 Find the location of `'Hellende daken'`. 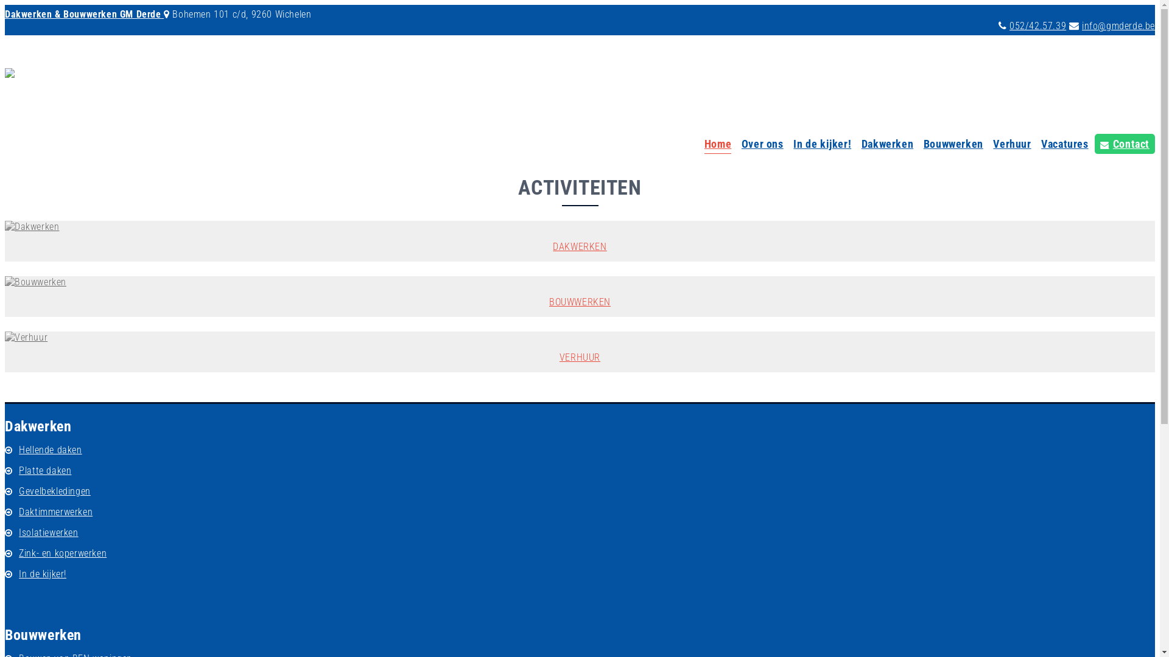

'Hellende daken' is located at coordinates (49, 450).